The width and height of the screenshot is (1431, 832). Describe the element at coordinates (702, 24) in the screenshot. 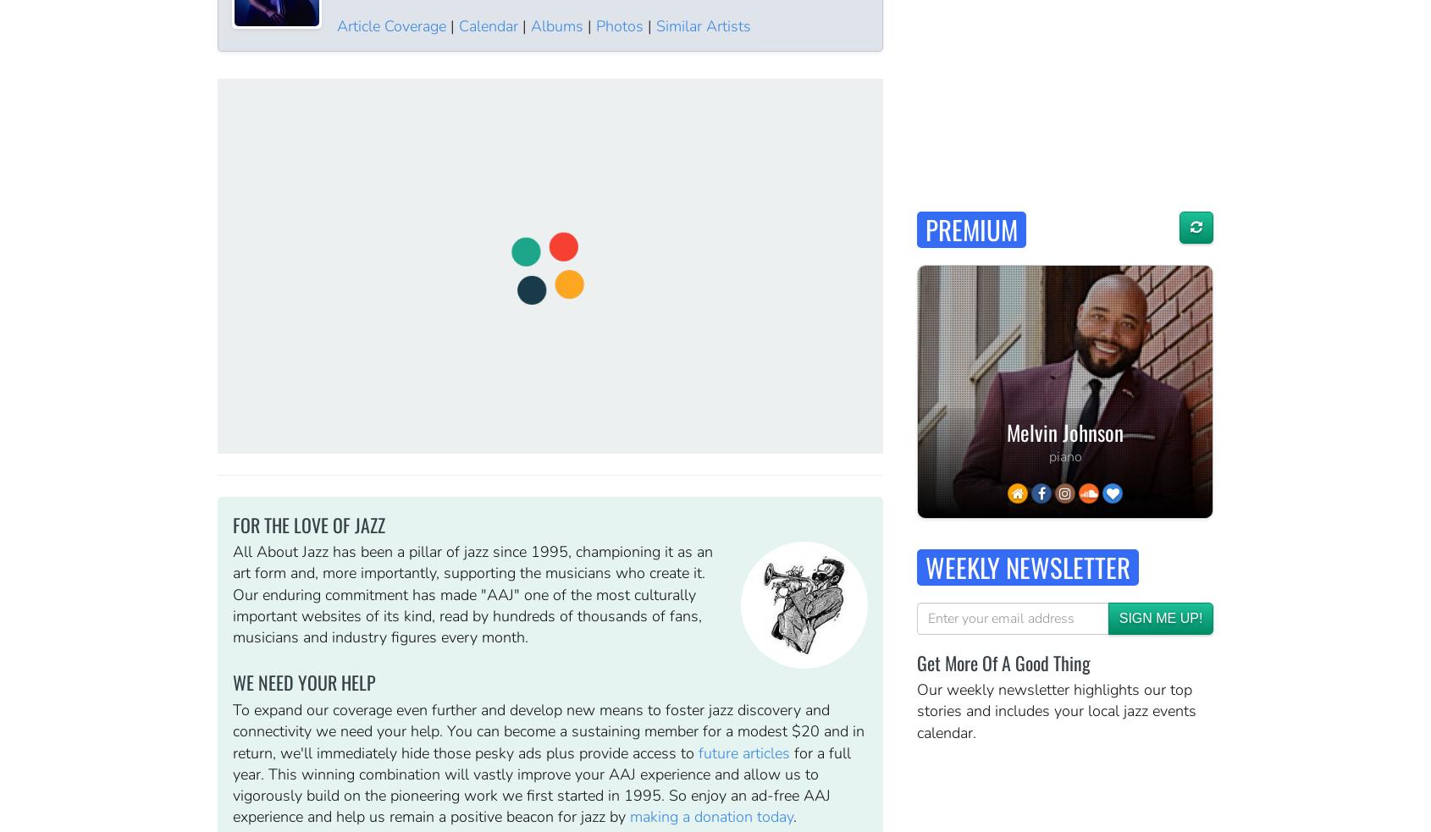

I see `'Similar Artists'` at that location.